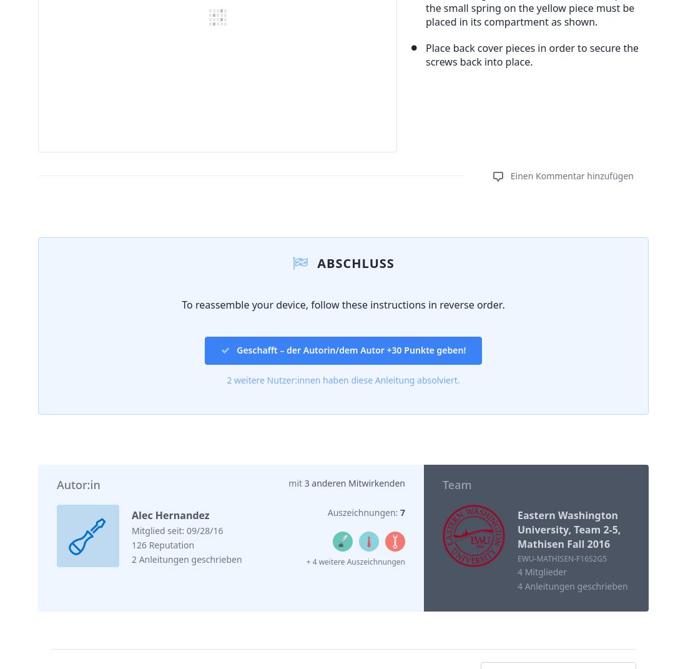 The height and width of the screenshot is (669, 693). I want to click on 'EWU-MATHISEN-F16S2G5', so click(562, 558).